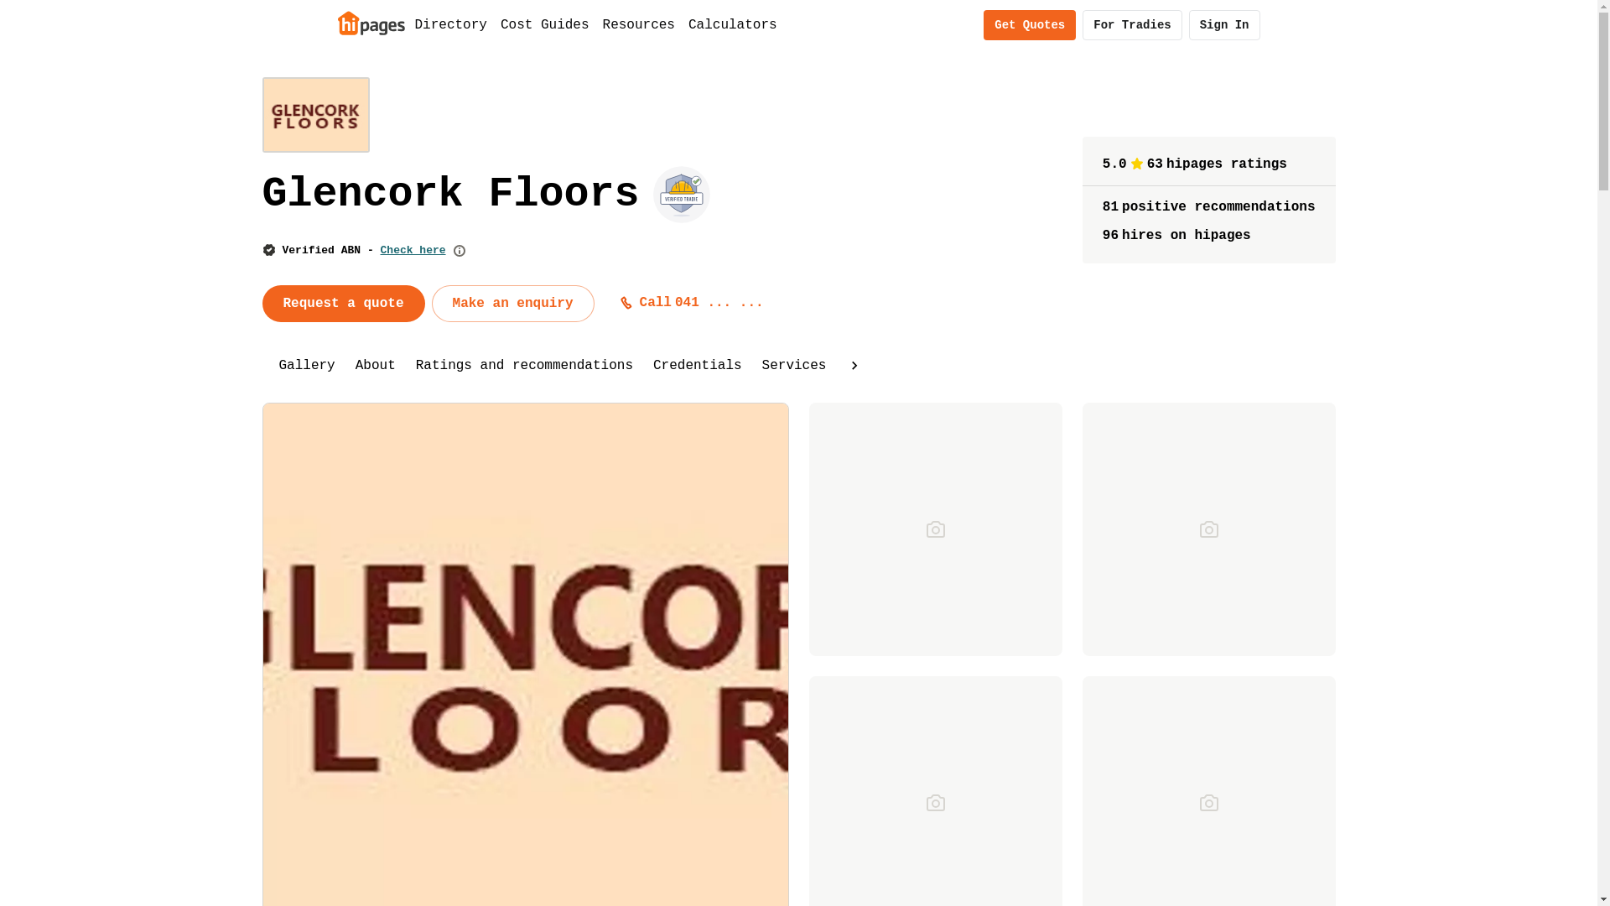 The height and width of the screenshot is (906, 1610). I want to click on 'Get Quotes', so click(1029, 25).